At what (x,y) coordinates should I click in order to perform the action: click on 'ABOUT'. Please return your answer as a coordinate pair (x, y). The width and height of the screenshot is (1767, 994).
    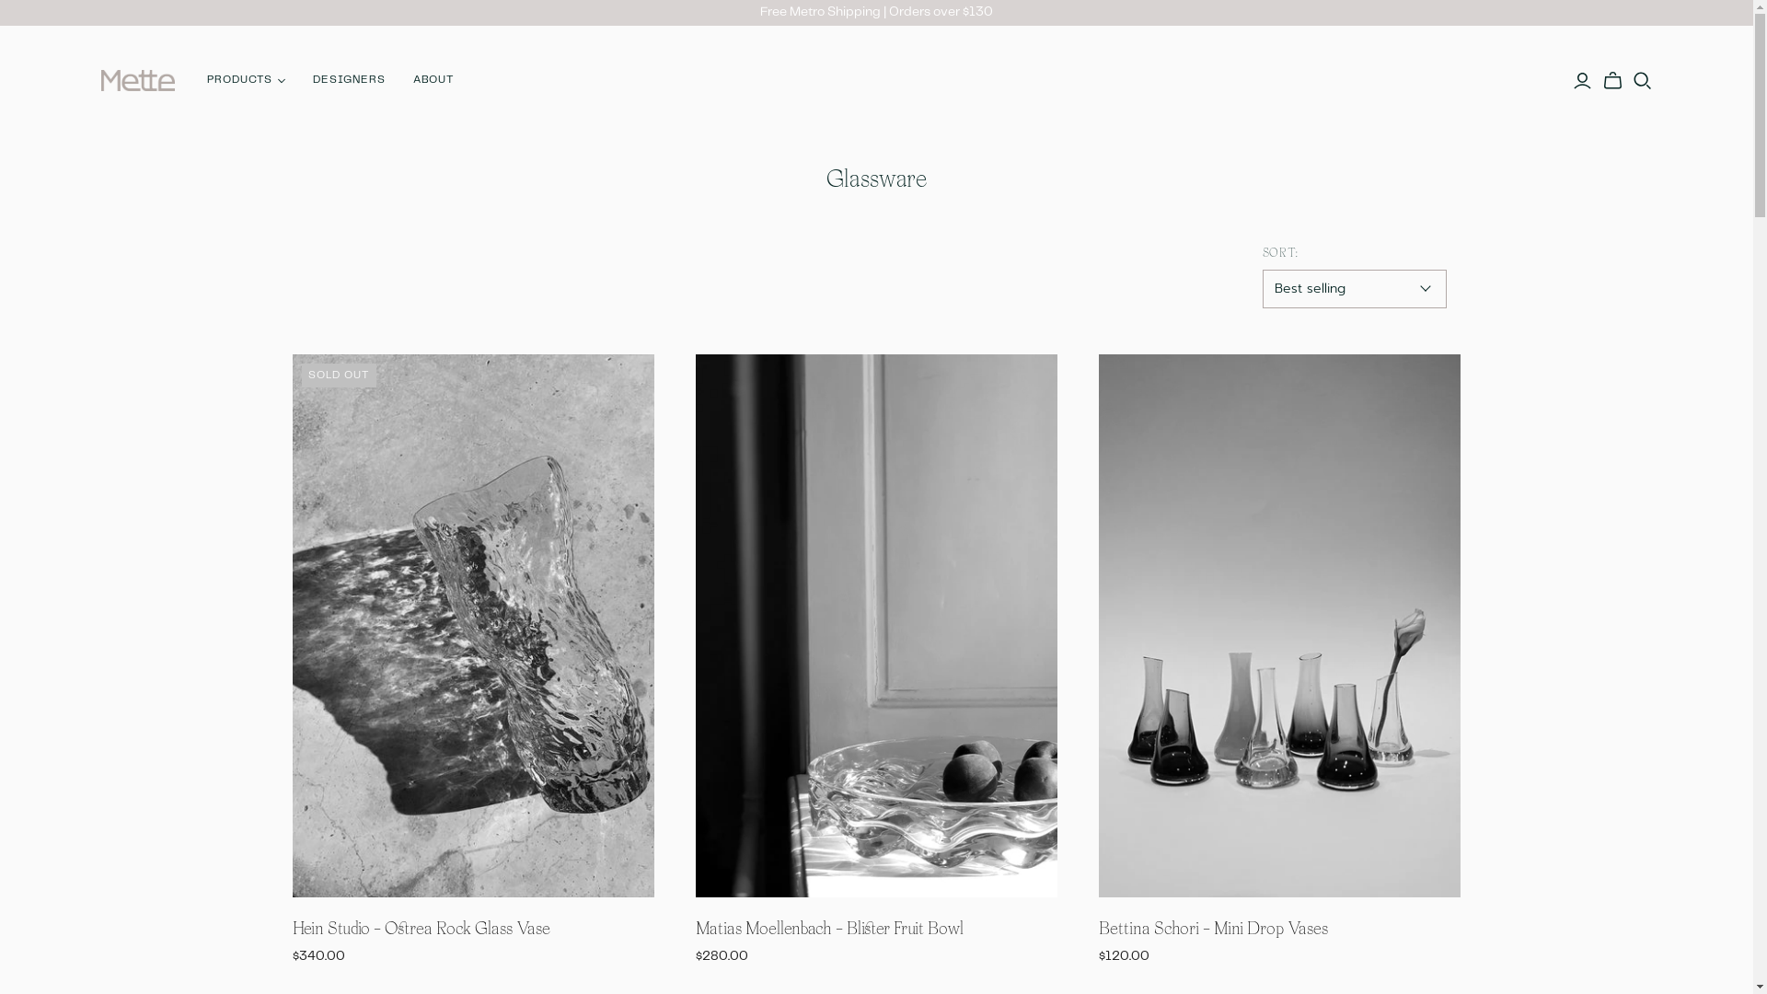
    Looking at the image, I should click on (433, 79).